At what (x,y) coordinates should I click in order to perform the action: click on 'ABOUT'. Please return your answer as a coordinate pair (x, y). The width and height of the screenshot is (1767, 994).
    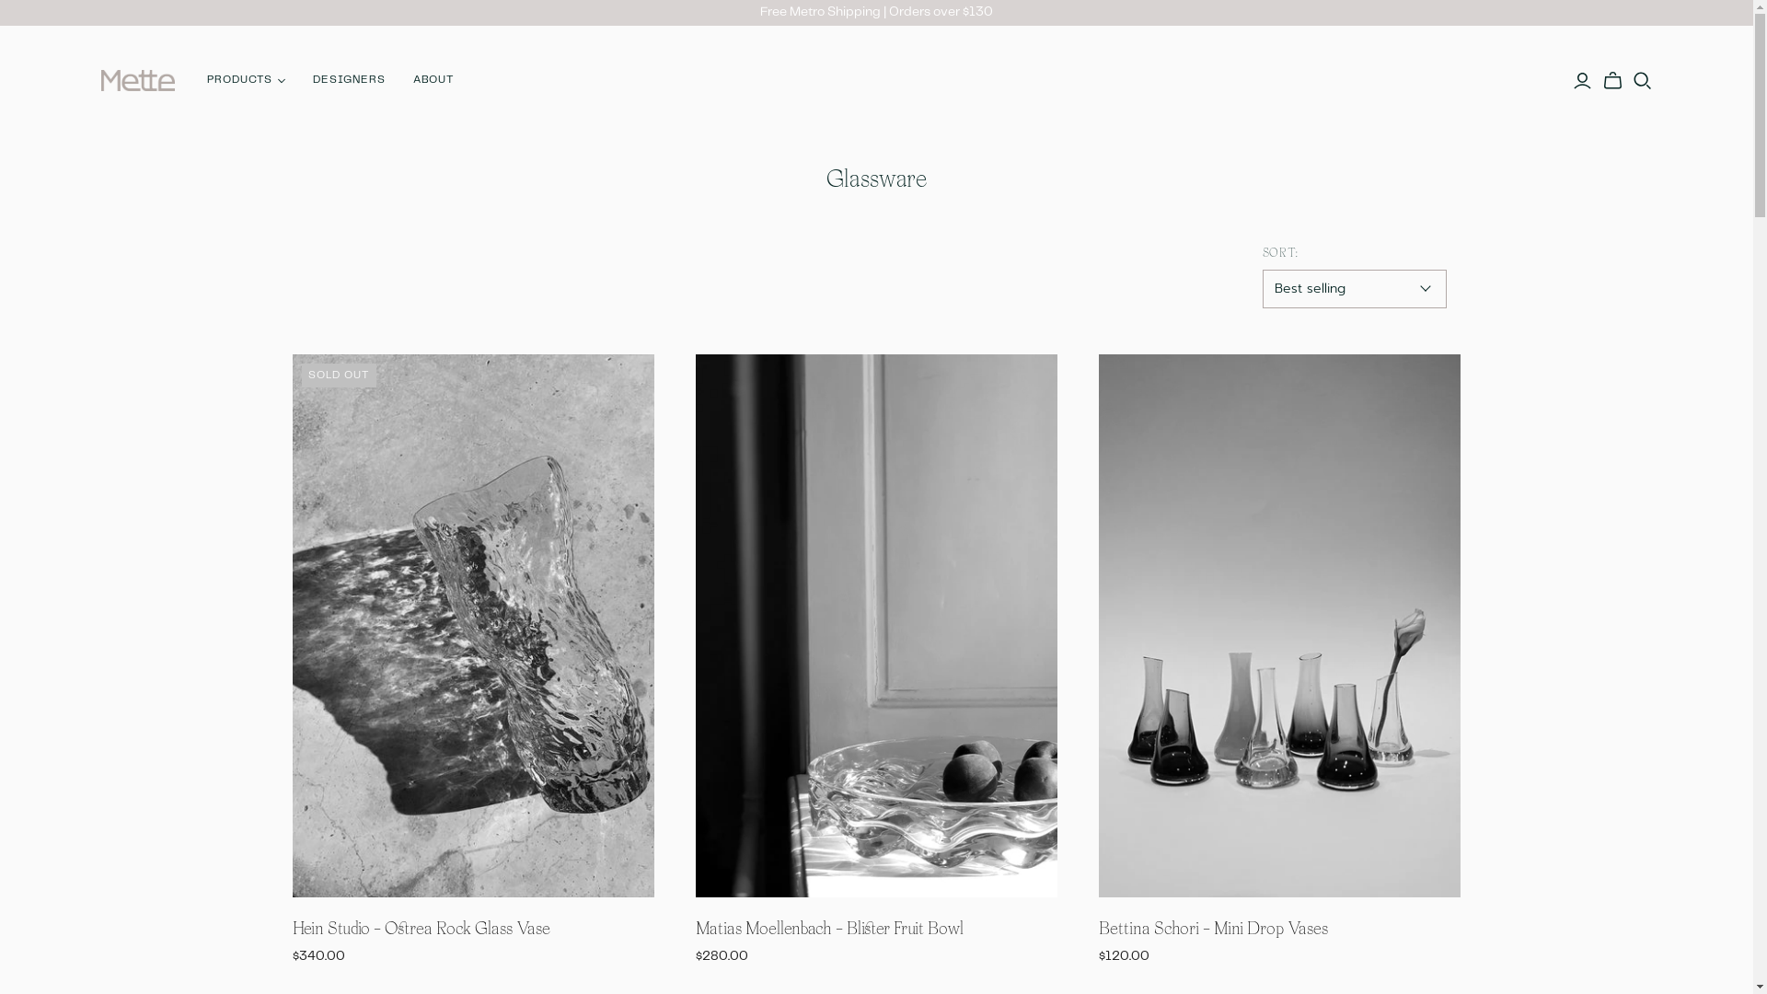
    Looking at the image, I should click on (433, 79).